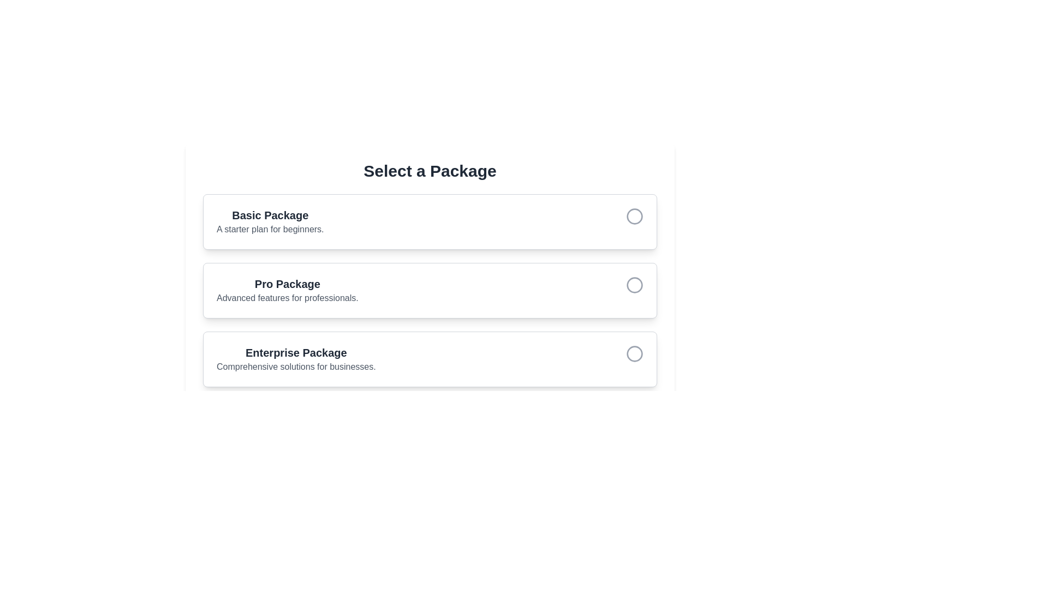  Describe the element at coordinates (634, 217) in the screenshot. I see `the first circular icon representing the 'Basic Package' option, which is a hollow gray circle within an SVG element` at that location.